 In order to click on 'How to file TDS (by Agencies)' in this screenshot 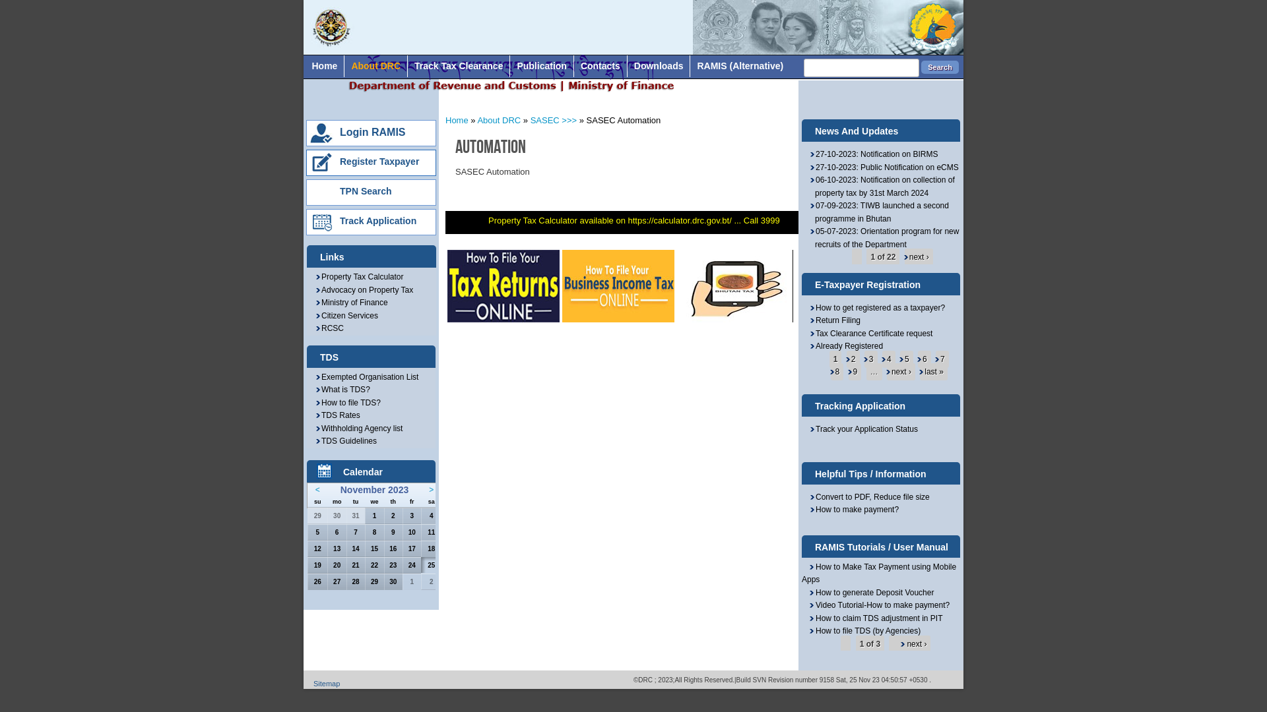, I will do `click(861, 630)`.